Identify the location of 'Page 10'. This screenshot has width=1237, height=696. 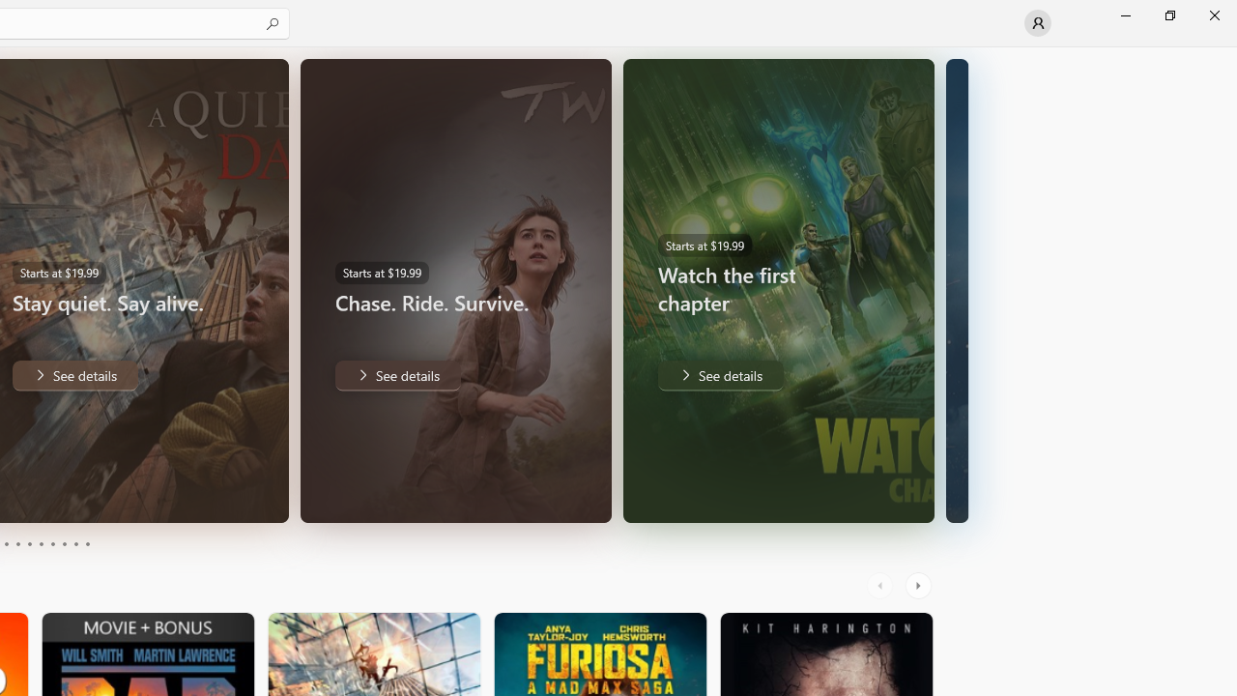
(86, 544).